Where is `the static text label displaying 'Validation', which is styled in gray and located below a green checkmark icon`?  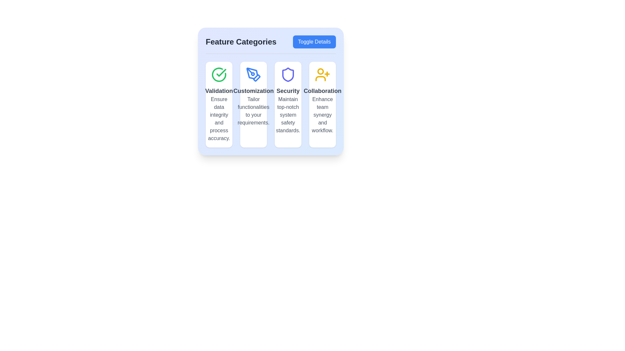 the static text label displaying 'Validation', which is styled in gray and located below a green checkmark icon is located at coordinates (219, 91).